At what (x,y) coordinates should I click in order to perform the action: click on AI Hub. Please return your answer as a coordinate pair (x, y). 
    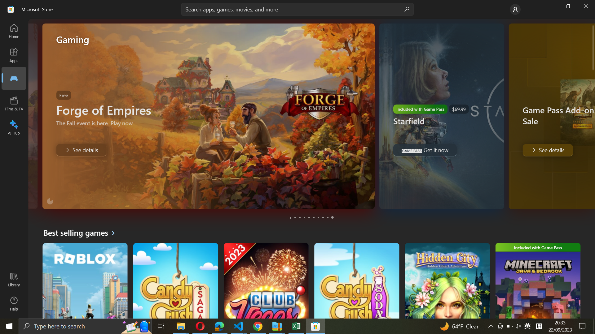
    Looking at the image, I should click on (14, 126).